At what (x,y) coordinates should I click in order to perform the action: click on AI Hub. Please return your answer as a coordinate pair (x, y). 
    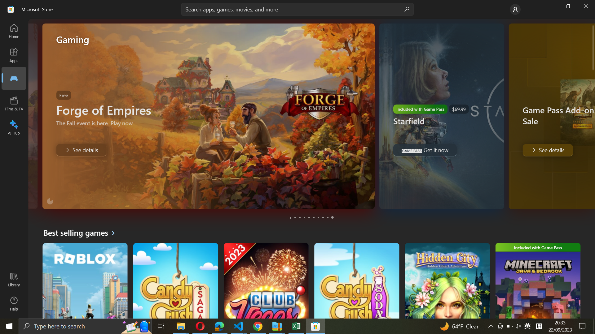
    Looking at the image, I should click on (14, 126).